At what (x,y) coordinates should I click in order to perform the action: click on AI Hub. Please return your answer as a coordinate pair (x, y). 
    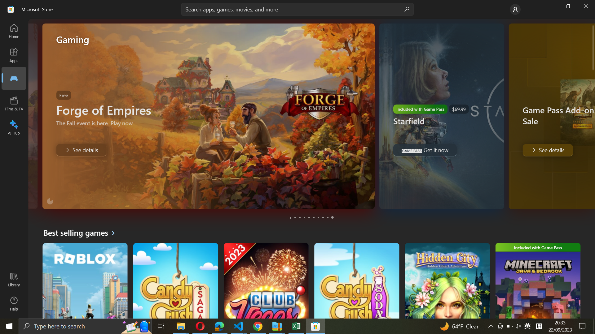
    Looking at the image, I should click on (14, 126).